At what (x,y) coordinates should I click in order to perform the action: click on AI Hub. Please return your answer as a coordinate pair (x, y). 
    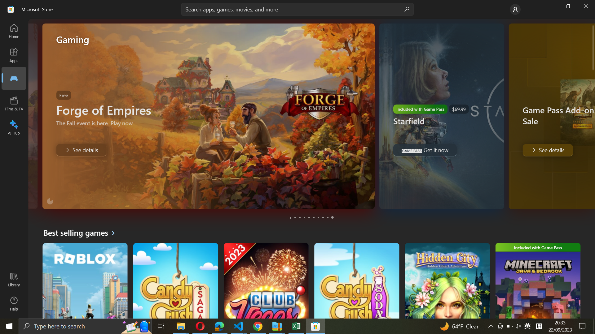
    Looking at the image, I should click on (14, 126).